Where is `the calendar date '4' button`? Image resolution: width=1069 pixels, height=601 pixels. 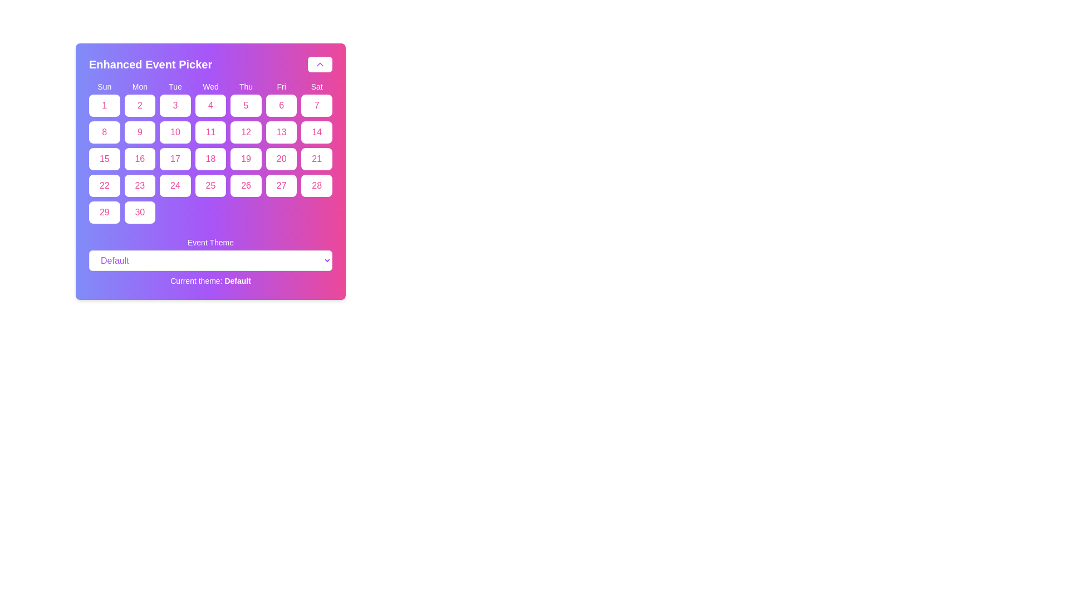 the calendar date '4' button is located at coordinates (210, 105).